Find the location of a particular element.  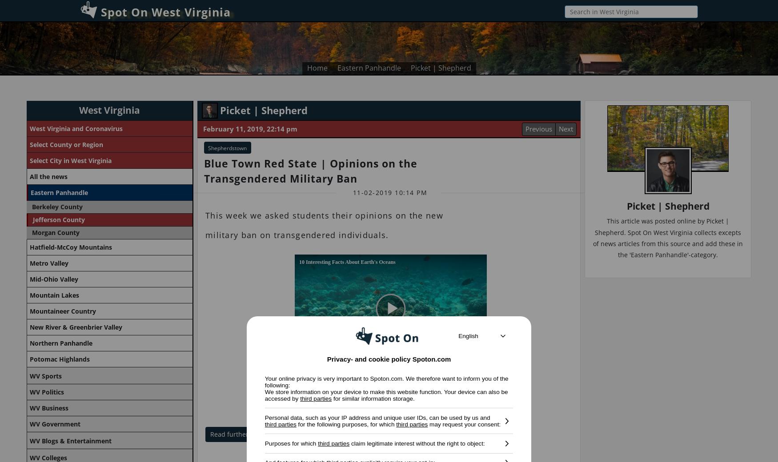

'Mountaineer Country' is located at coordinates (62, 311).